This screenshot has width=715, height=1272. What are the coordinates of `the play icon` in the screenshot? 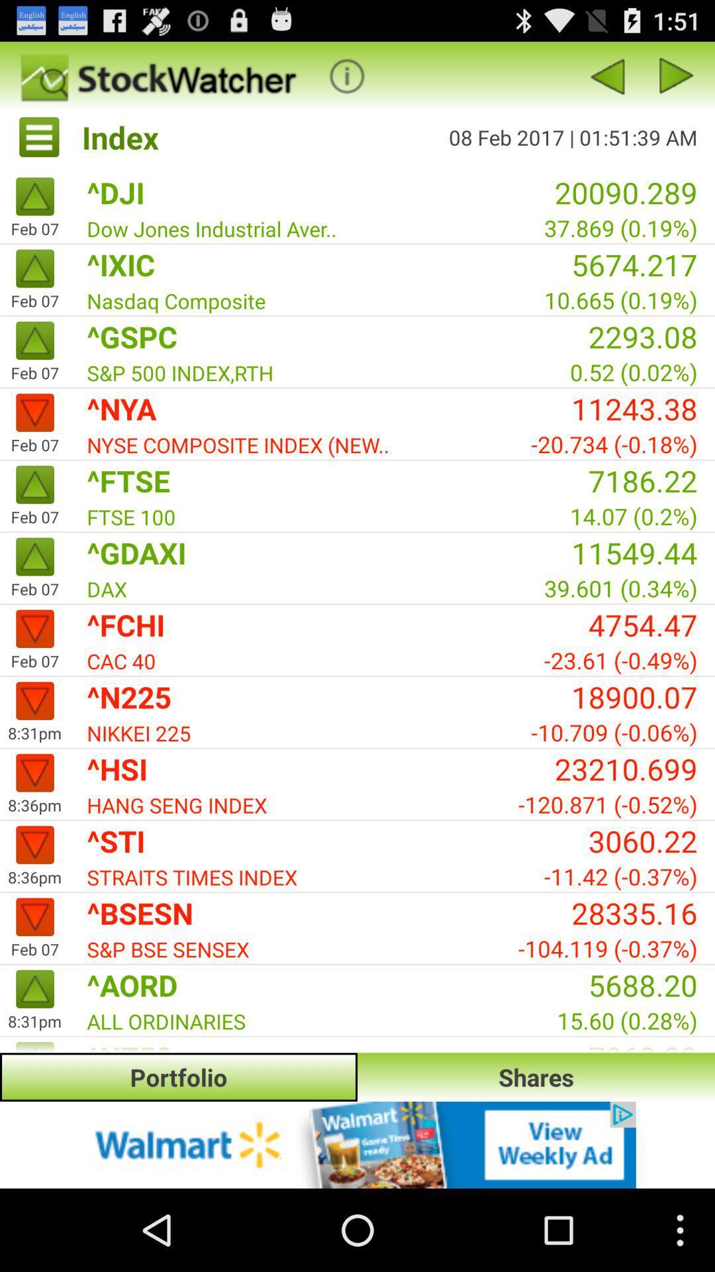 It's located at (677, 81).